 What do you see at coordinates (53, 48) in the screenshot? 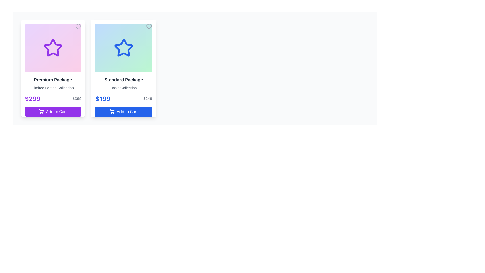
I see `the star SVG icon representing the premium status of the package within the 'Premium Package' card, located above the text 'Limited Edition Collection.'` at bounding box center [53, 48].